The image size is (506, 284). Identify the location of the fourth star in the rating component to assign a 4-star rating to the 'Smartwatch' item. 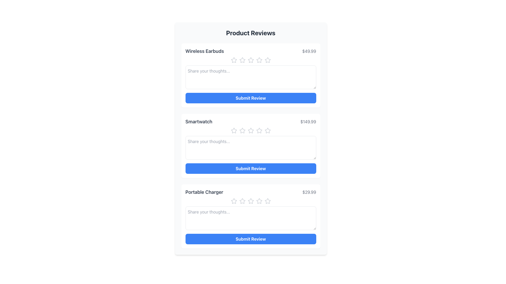
(259, 130).